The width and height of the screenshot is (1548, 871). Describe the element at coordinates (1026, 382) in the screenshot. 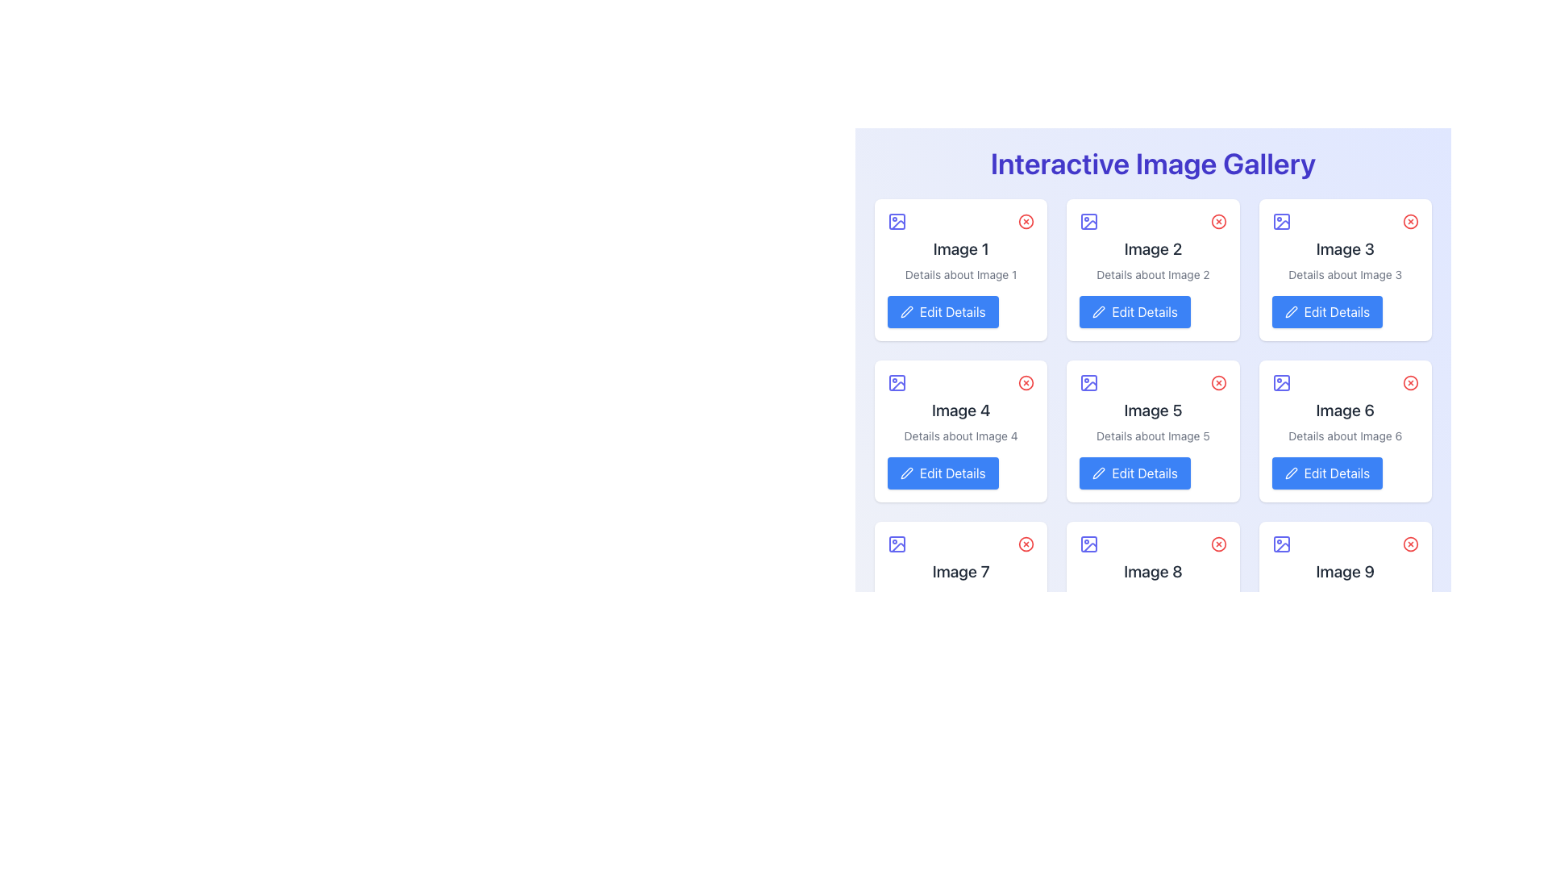

I see `the SVG circle graphic that is part of the 'cross mark' icon in the top-right corner of the 'Image 4' block under the 'Interactive Image Gallery' header` at that location.